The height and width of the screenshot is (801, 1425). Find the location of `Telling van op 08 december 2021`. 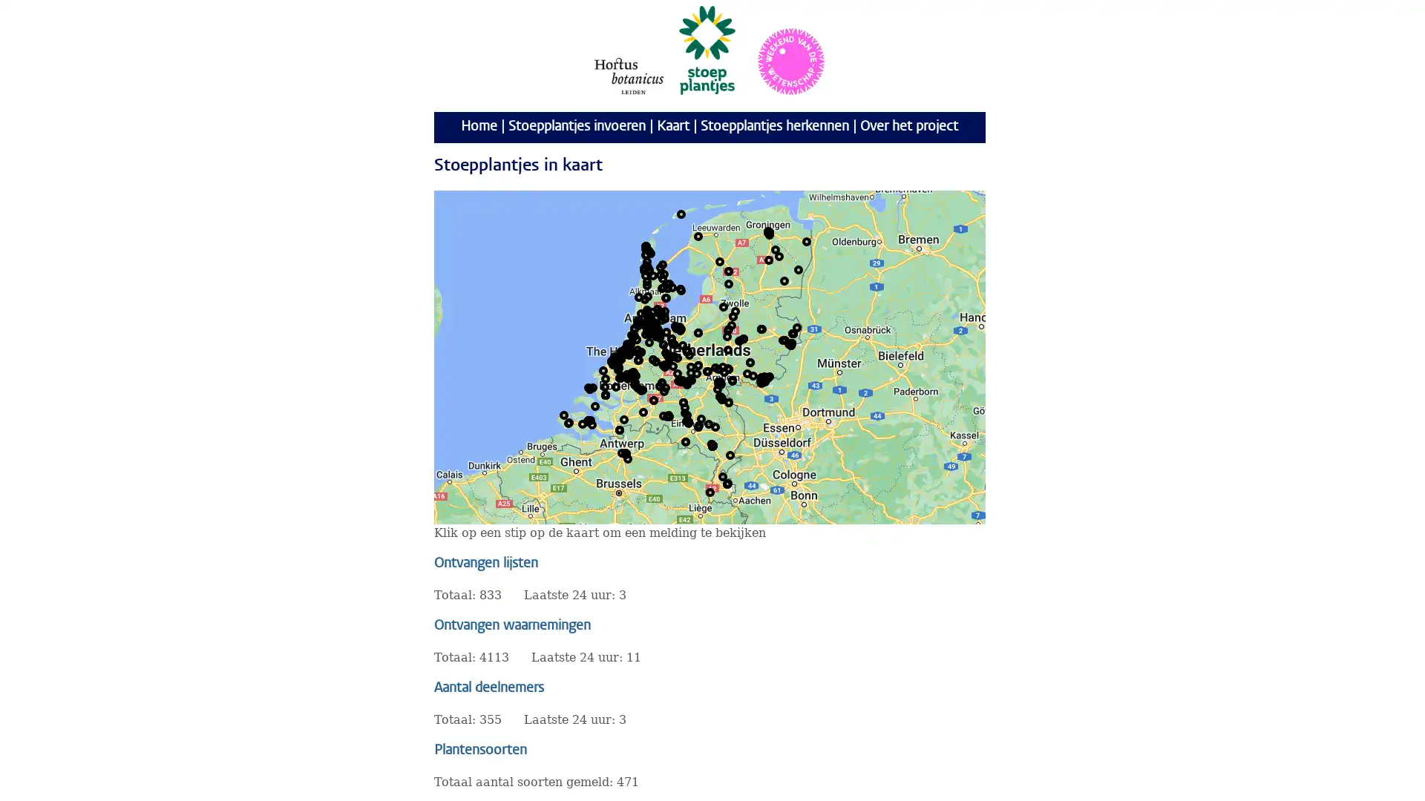

Telling van op 08 december 2021 is located at coordinates (662, 286).